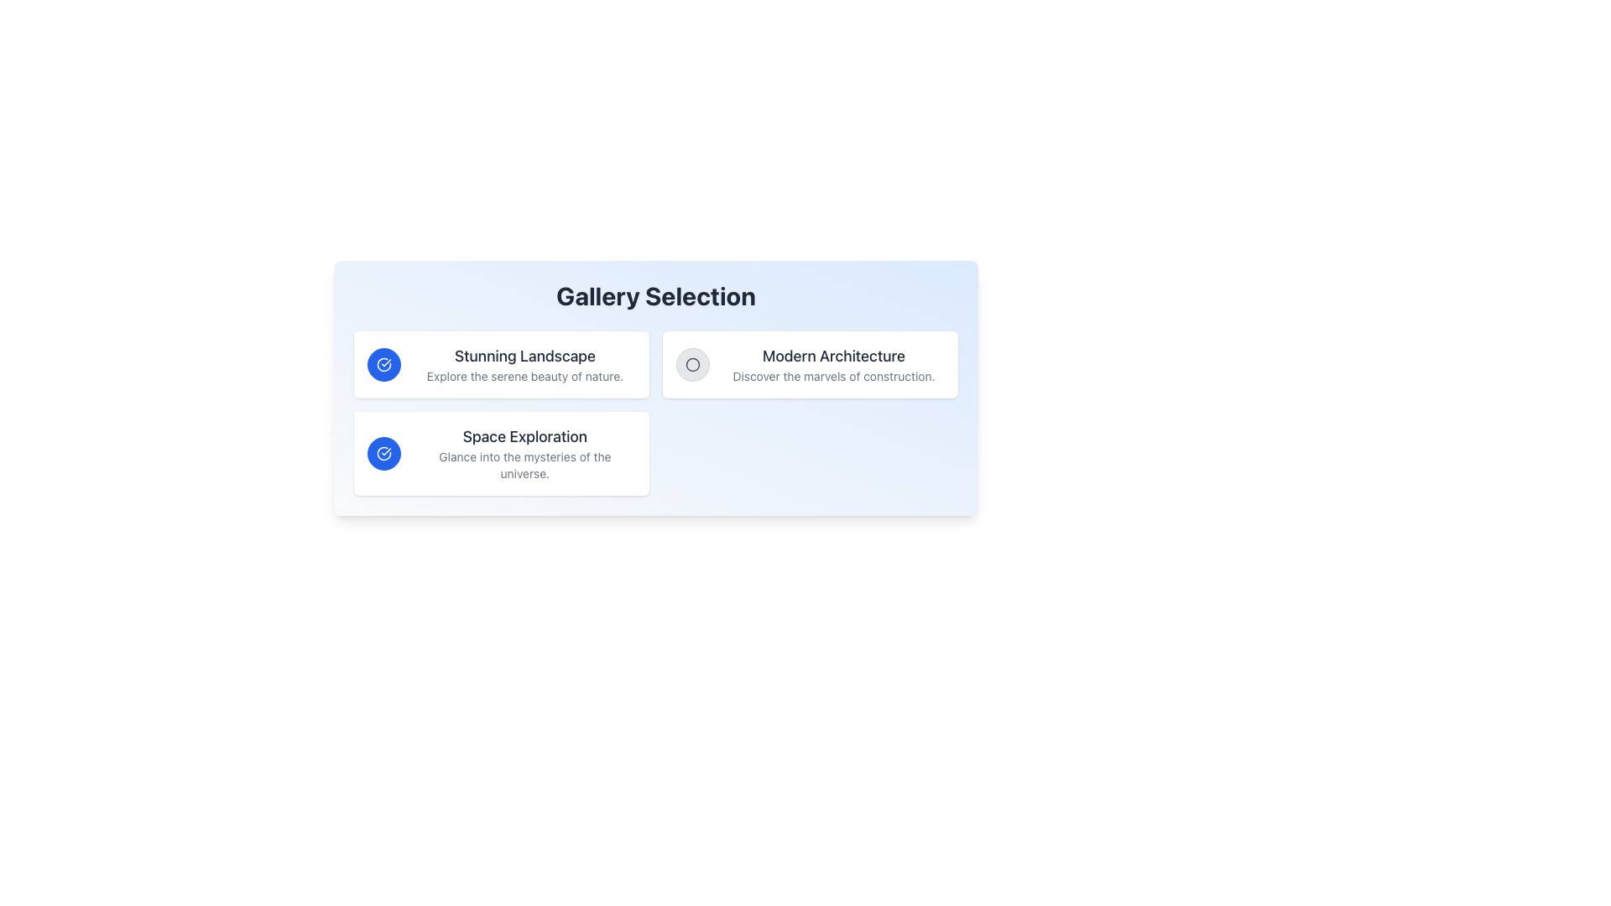 The height and width of the screenshot is (906, 1611). Describe the element at coordinates (524, 453) in the screenshot. I see `the Text block displaying the title and description for the Space Exploration category, which is the second item in the horizontally aligned selection group located in the lower left part of the interface` at that location.